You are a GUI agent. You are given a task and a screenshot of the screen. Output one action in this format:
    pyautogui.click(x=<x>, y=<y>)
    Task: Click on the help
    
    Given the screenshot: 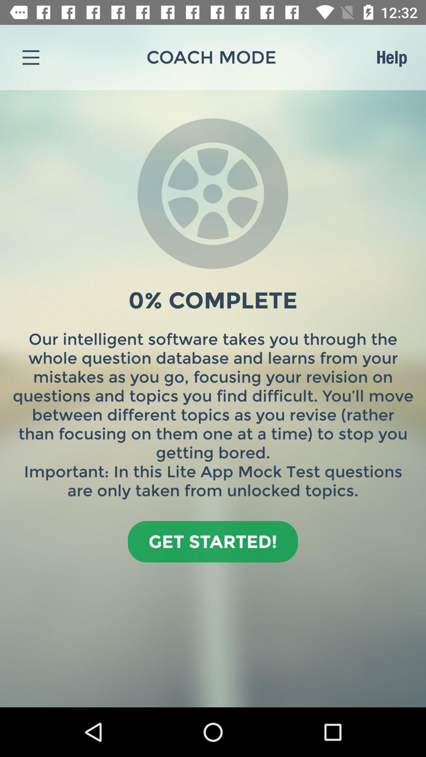 What is the action you would take?
    pyautogui.click(x=391, y=57)
    